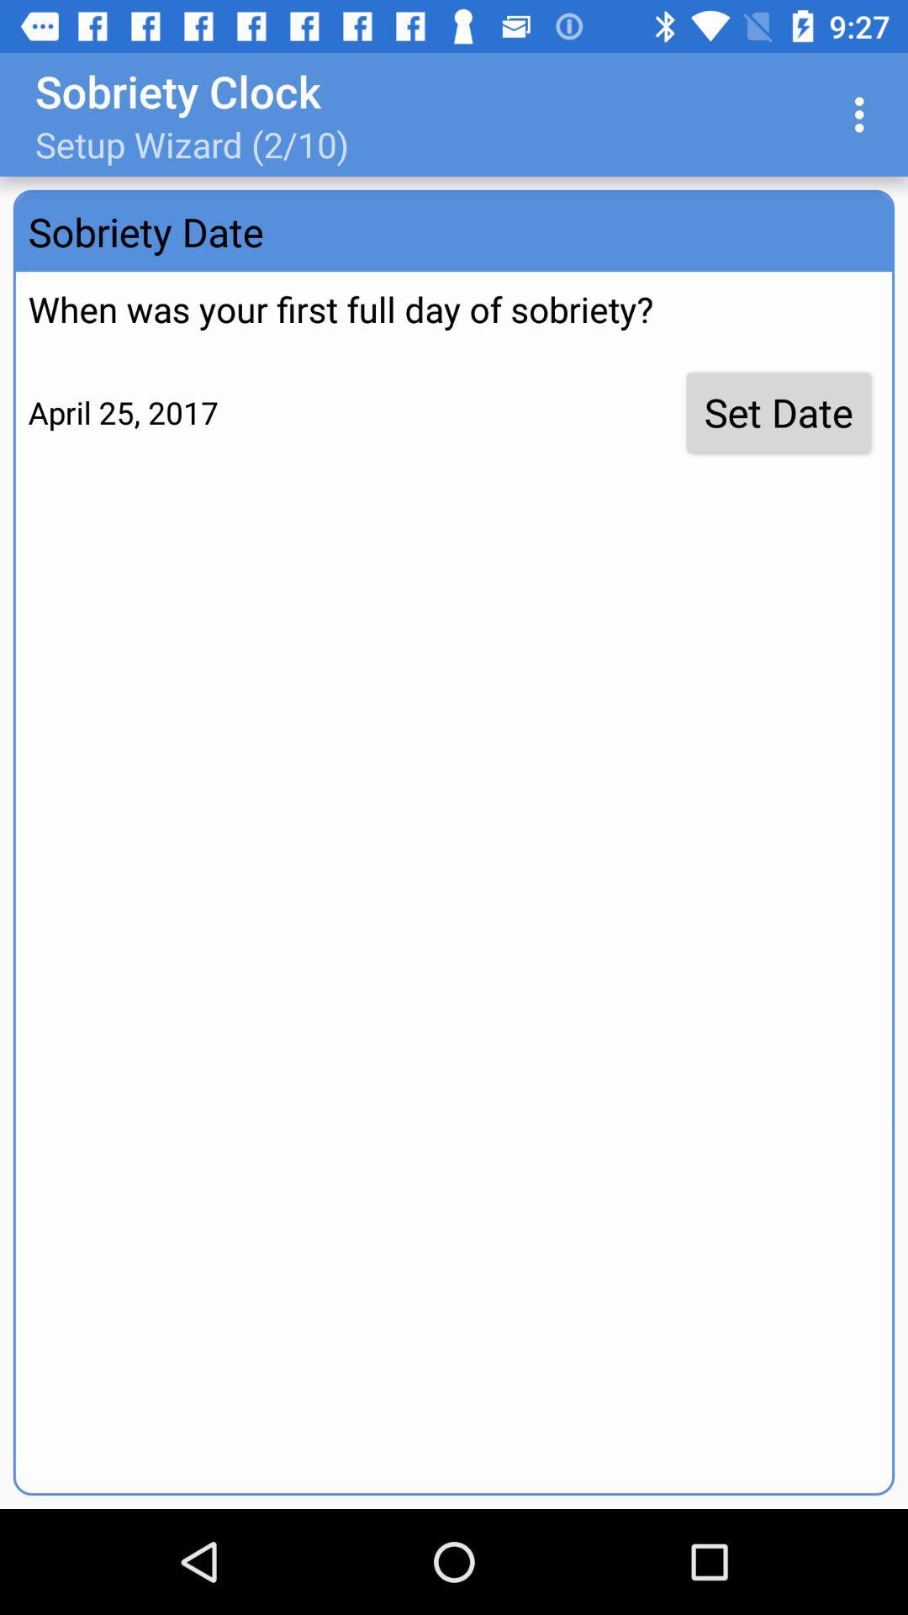  I want to click on set date item, so click(779, 412).